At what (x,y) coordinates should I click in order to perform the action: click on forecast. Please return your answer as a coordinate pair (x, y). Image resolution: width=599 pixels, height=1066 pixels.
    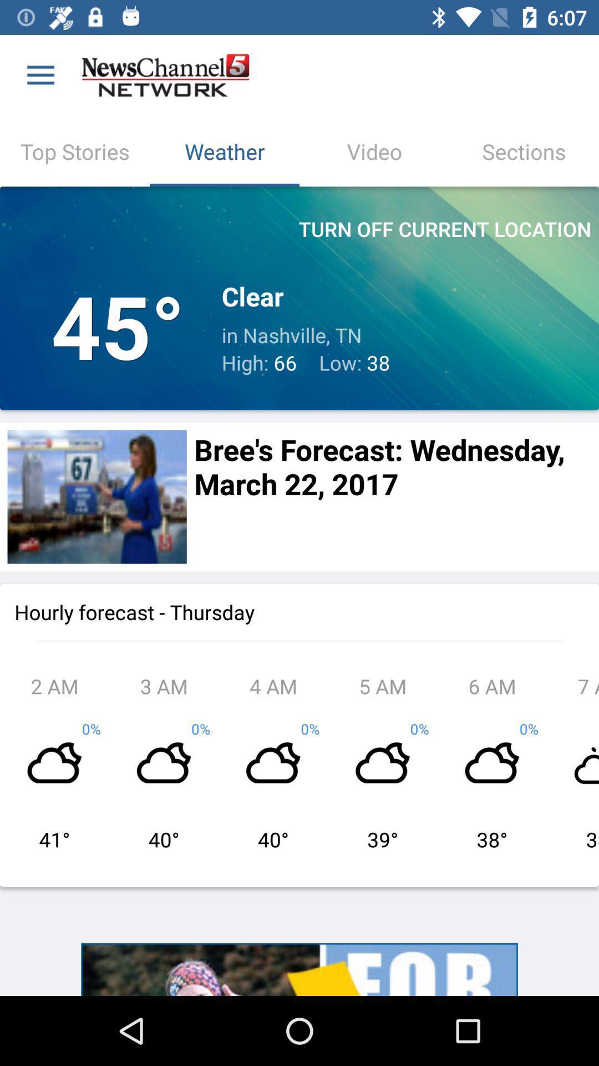
    Looking at the image, I should click on (97, 496).